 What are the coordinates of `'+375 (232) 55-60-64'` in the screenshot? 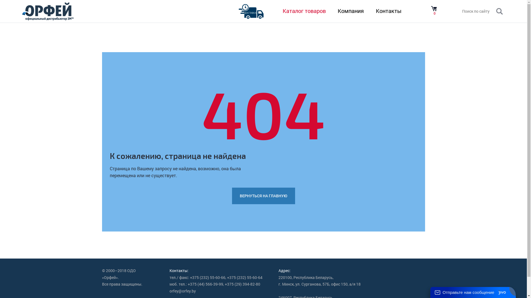 It's located at (244, 278).